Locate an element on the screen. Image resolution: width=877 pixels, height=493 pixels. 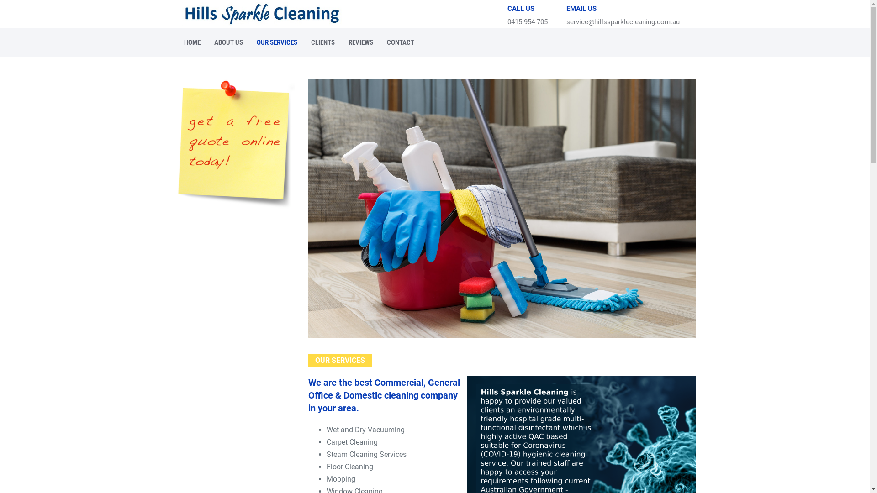
'CONTACT' is located at coordinates (401, 42).